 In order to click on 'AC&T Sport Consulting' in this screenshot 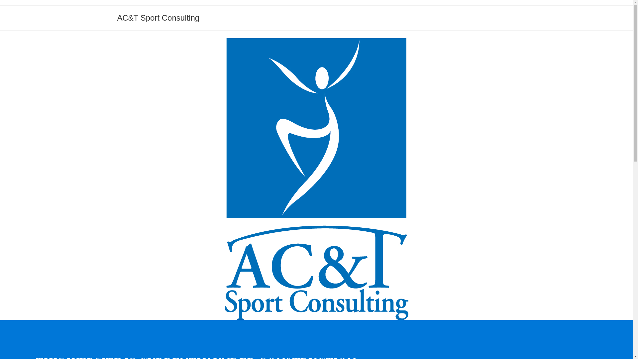, I will do `click(158, 17)`.